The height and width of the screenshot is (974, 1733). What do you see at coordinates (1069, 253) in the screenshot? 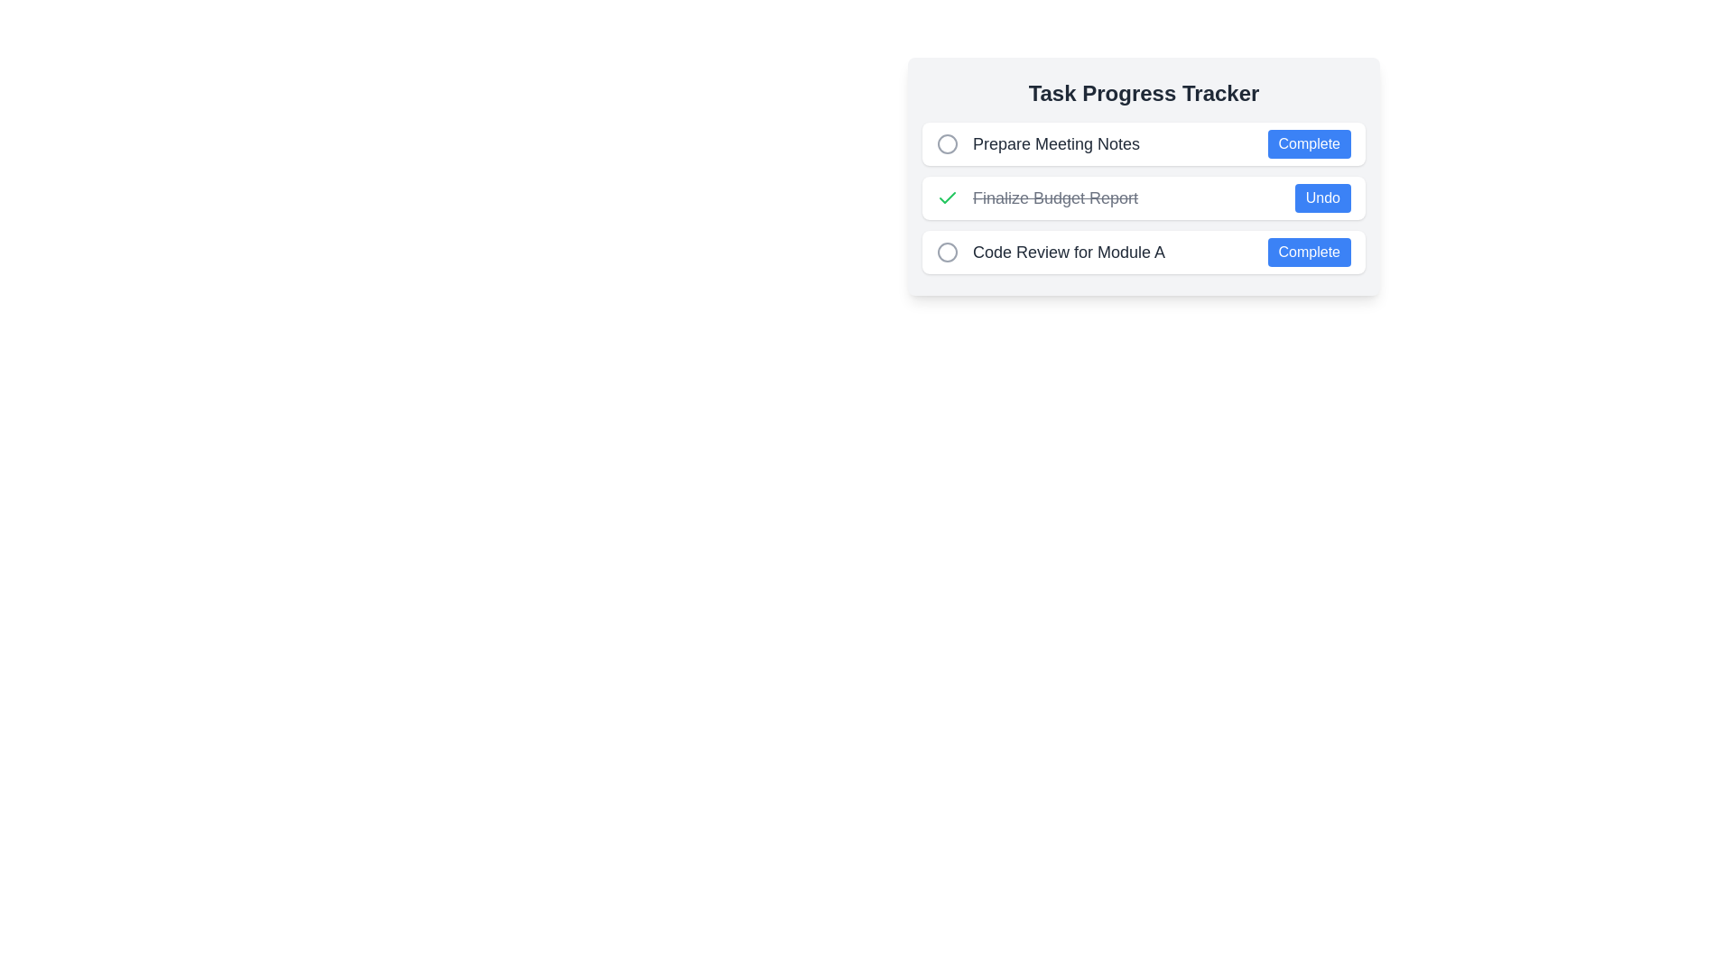
I see `the text label stating 'Code Review for Module A', which is styled with a medium-sized, bold dark gray font and positioned centrally in the middle-right quadrant of the task list interface` at bounding box center [1069, 253].